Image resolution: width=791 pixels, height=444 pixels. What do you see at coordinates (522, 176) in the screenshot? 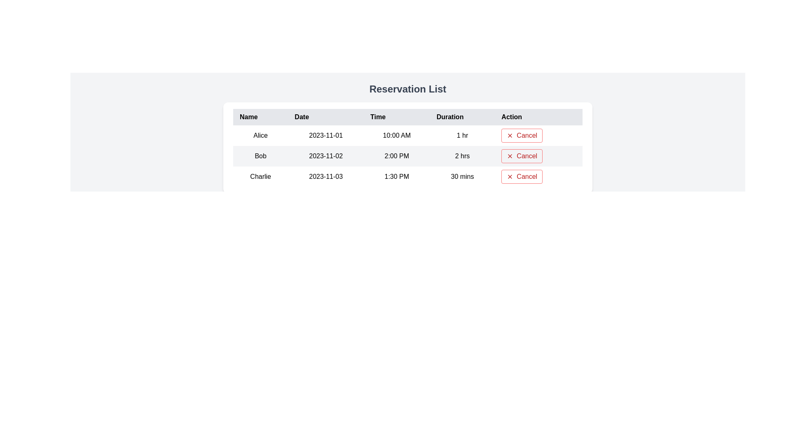
I see `the third button labeled 'Cancel' in the 'Action' column of the tabular interface adjacent to '30 mins' for 'Charlie'` at bounding box center [522, 176].